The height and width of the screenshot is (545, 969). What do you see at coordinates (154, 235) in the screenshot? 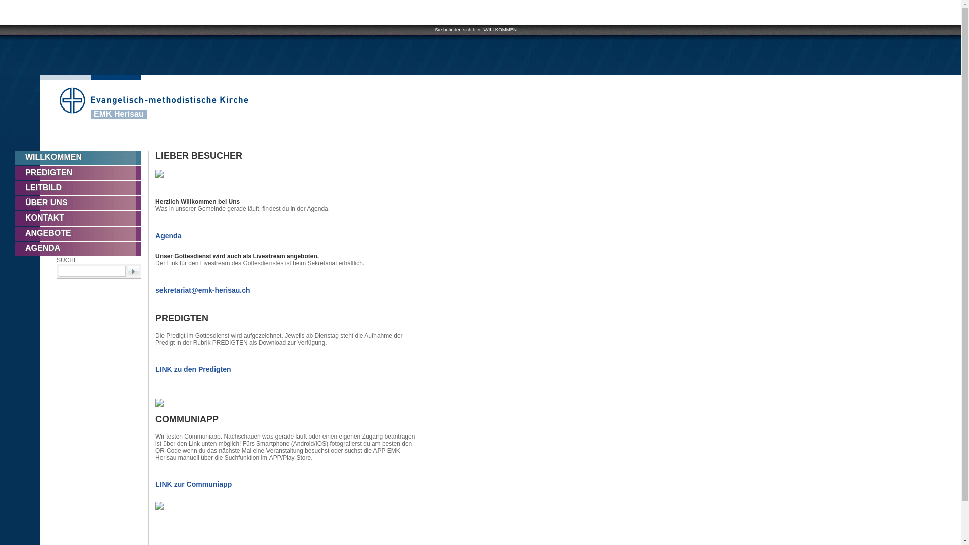
I see `'Agenda'` at bounding box center [154, 235].